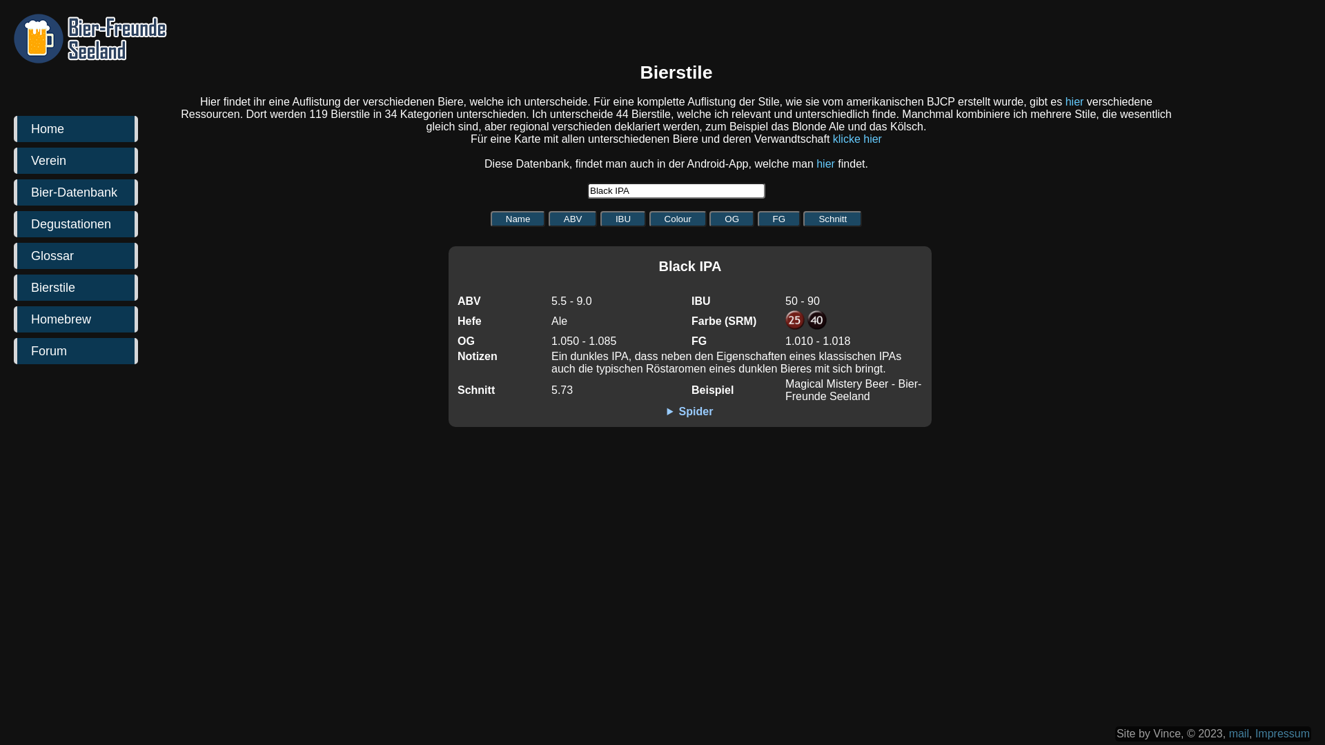 The width and height of the screenshot is (1325, 745). What do you see at coordinates (622, 218) in the screenshot?
I see `'IBU'` at bounding box center [622, 218].